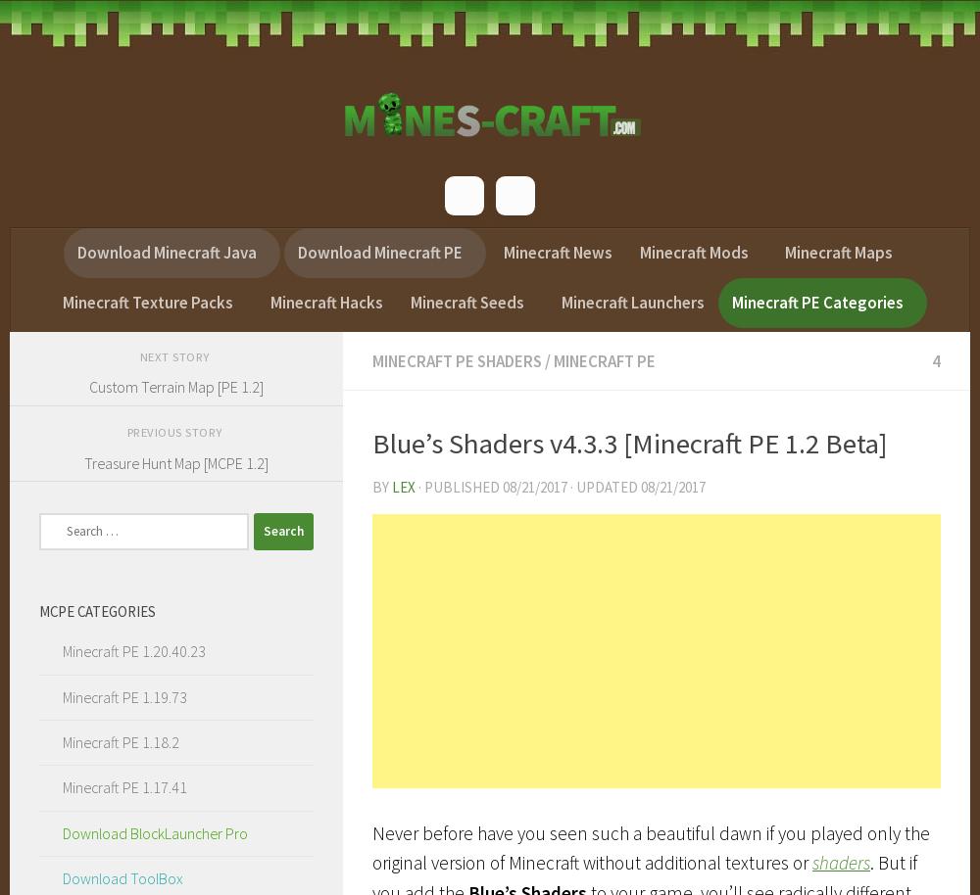 The width and height of the screenshot is (980, 895). I want to click on 'MCPE Categories', so click(96, 609).